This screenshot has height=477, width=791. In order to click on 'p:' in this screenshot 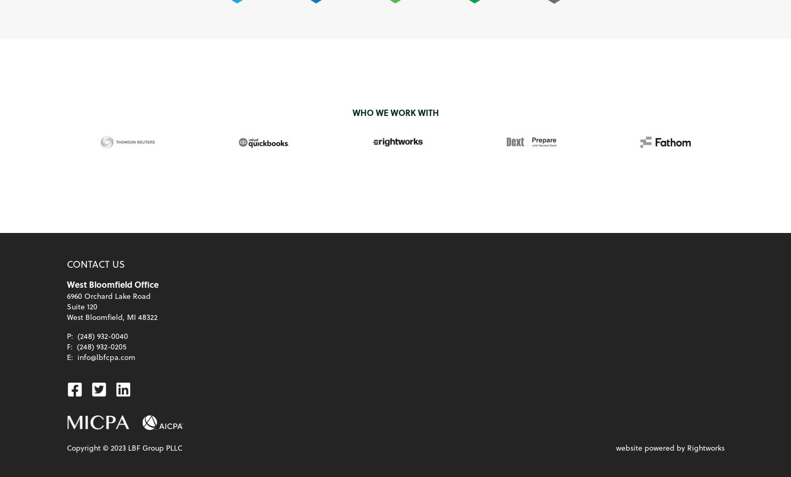, I will do `click(65, 335)`.